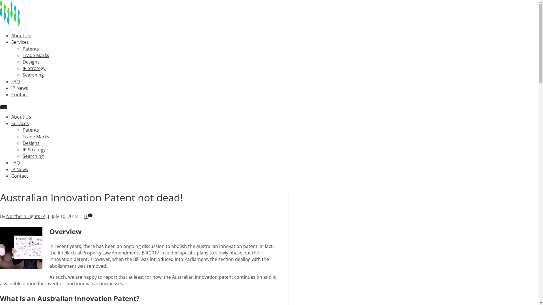  Describe the element at coordinates (88, 216) in the screenshot. I see `'0'` at that location.